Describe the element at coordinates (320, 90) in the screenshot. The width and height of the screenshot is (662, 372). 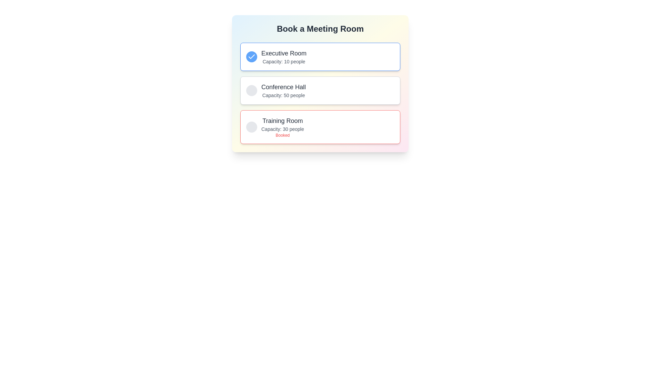
I see `the 'Conference Hall' card, which is a rectangular clickable selection option with a white background, containing the title 'Conference Hall' and capacity information, located centrally in the list of room options` at that location.